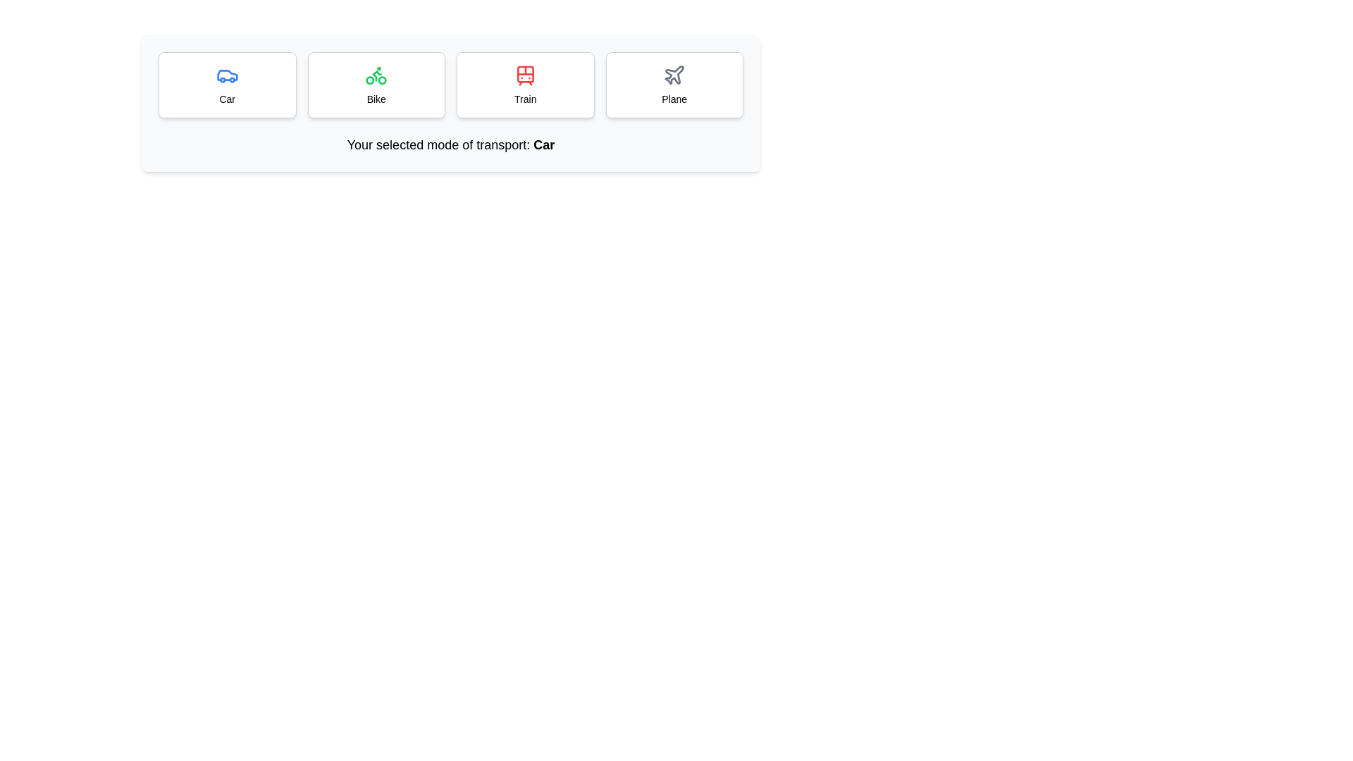 This screenshot has height=761, width=1353. Describe the element at coordinates (227, 85) in the screenshot. I see `the first card in the grid layout, which features a blue car icon and the text 'Car', to trigger the scale effect` at that location.